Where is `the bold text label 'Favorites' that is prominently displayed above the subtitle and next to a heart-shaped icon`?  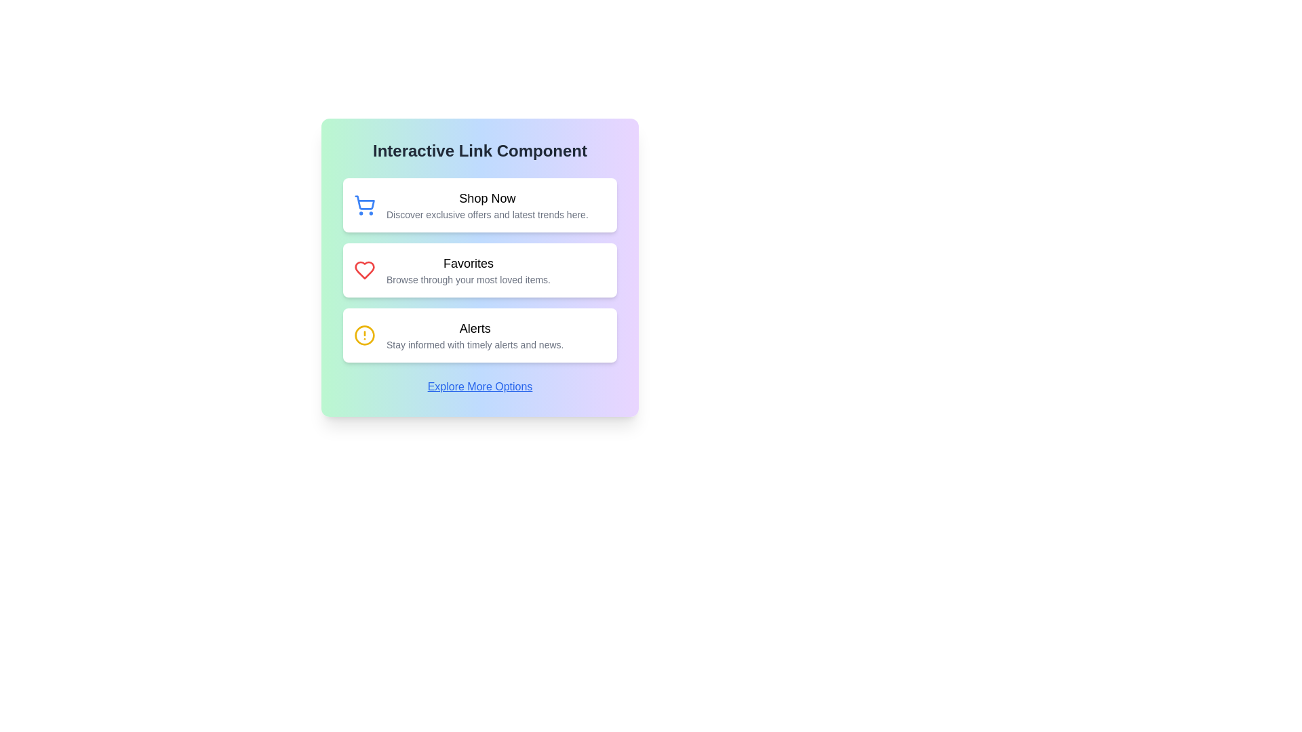 the bold text label 'Favorites' that is prominently displayed above the subtitle and next to a heart-shaped icon is located at coordinates (469, 264).